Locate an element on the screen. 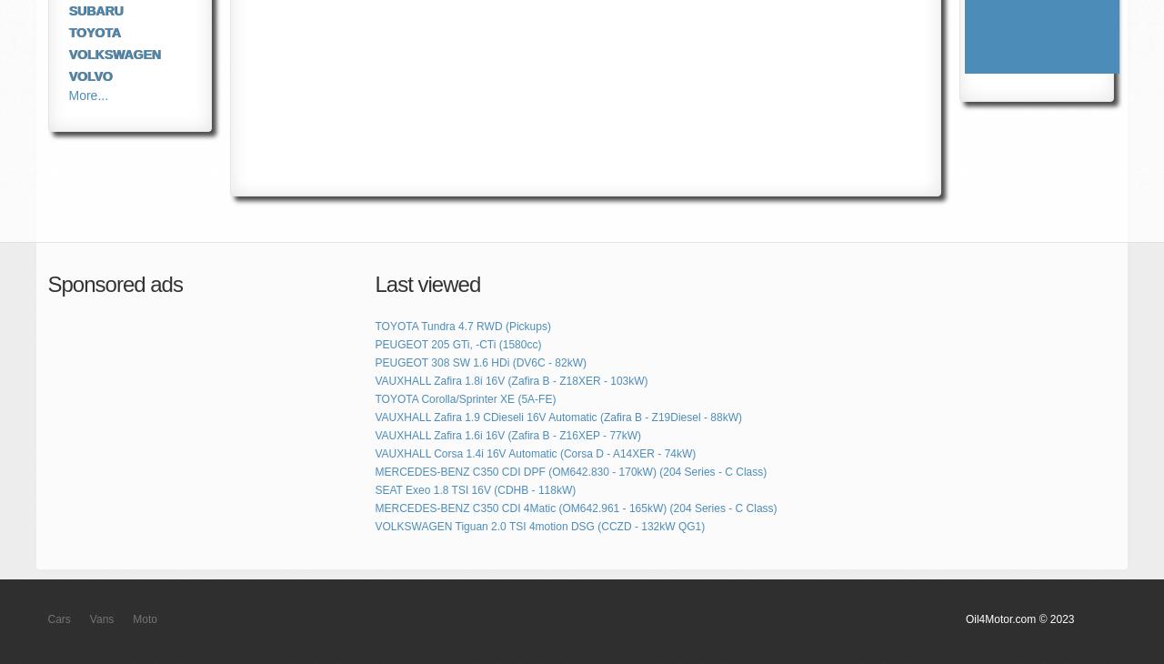  'Vans' is located at coordinates (100, 619).